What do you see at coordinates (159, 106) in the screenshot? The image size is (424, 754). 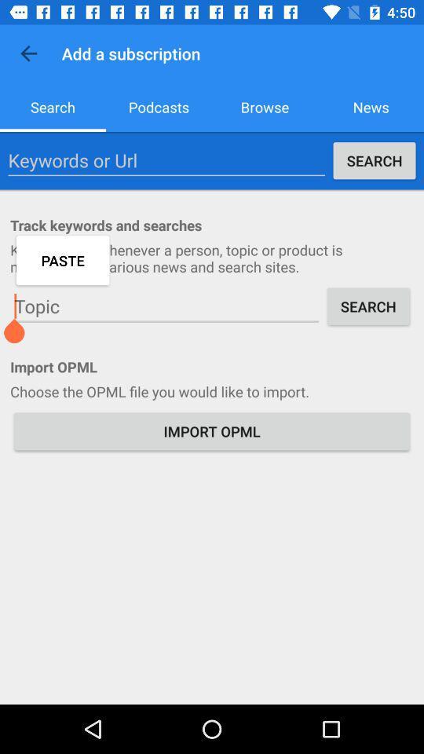 I see `icon to the left of the browse item` at bounding box center [159, 106].